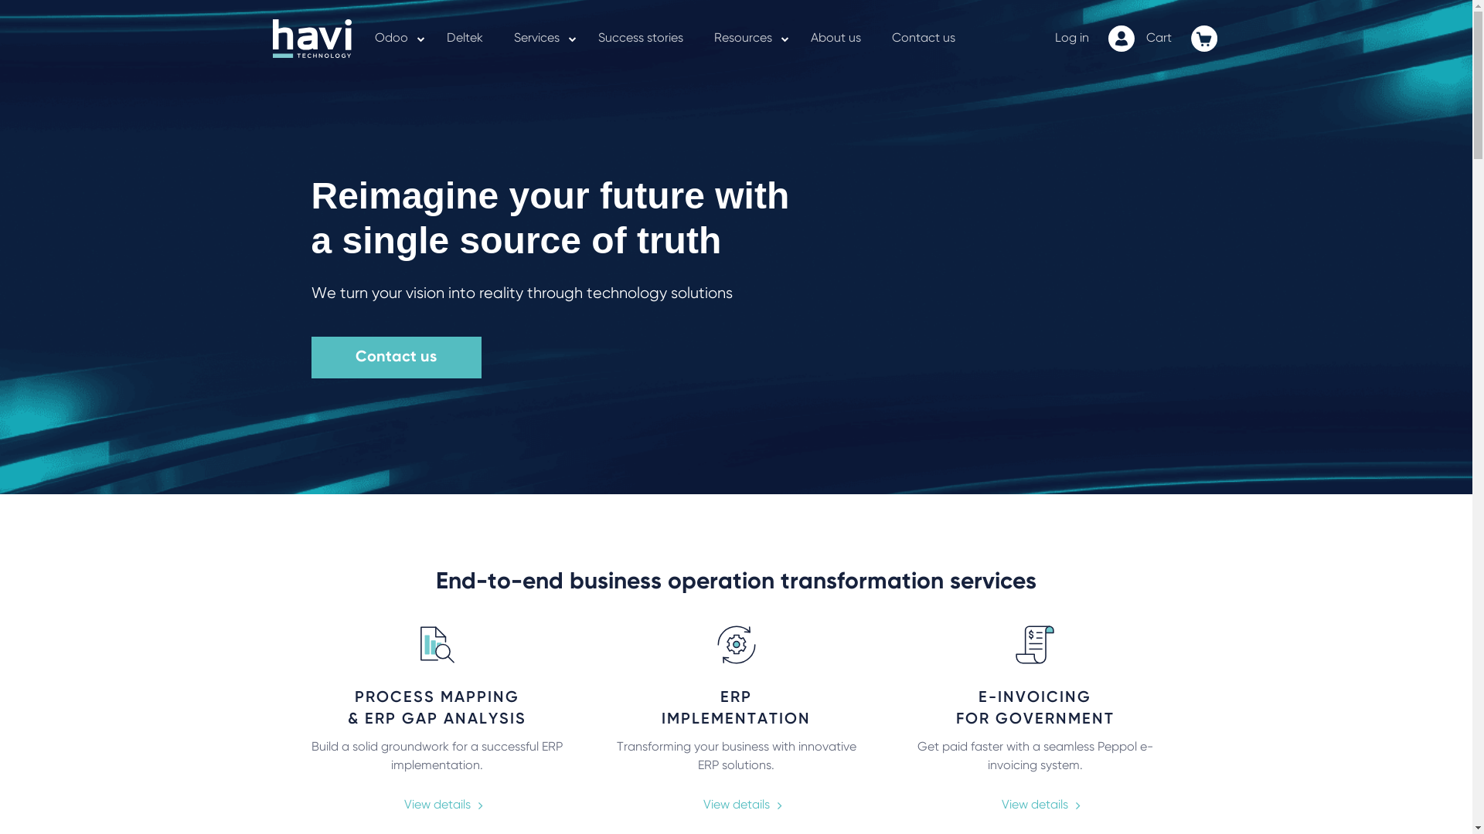 The height and width of the screenshot is (834, 1484). Describe the element at coordinates (1070, 38) in the screenshot. I see `'Log in'` at that location.